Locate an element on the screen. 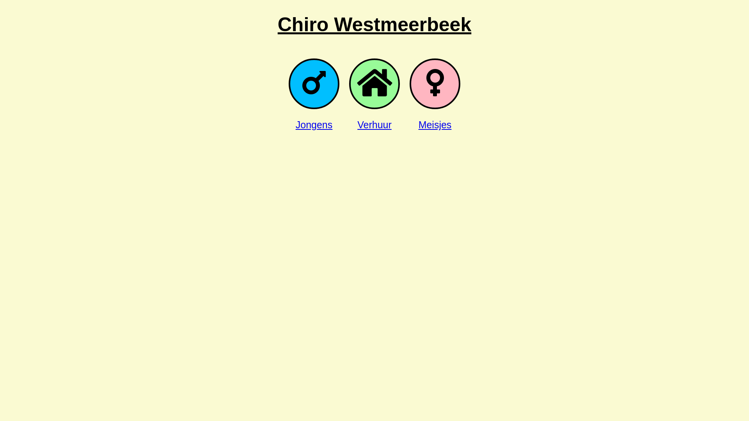  'Jongens' is located at coordinates (295, 124).